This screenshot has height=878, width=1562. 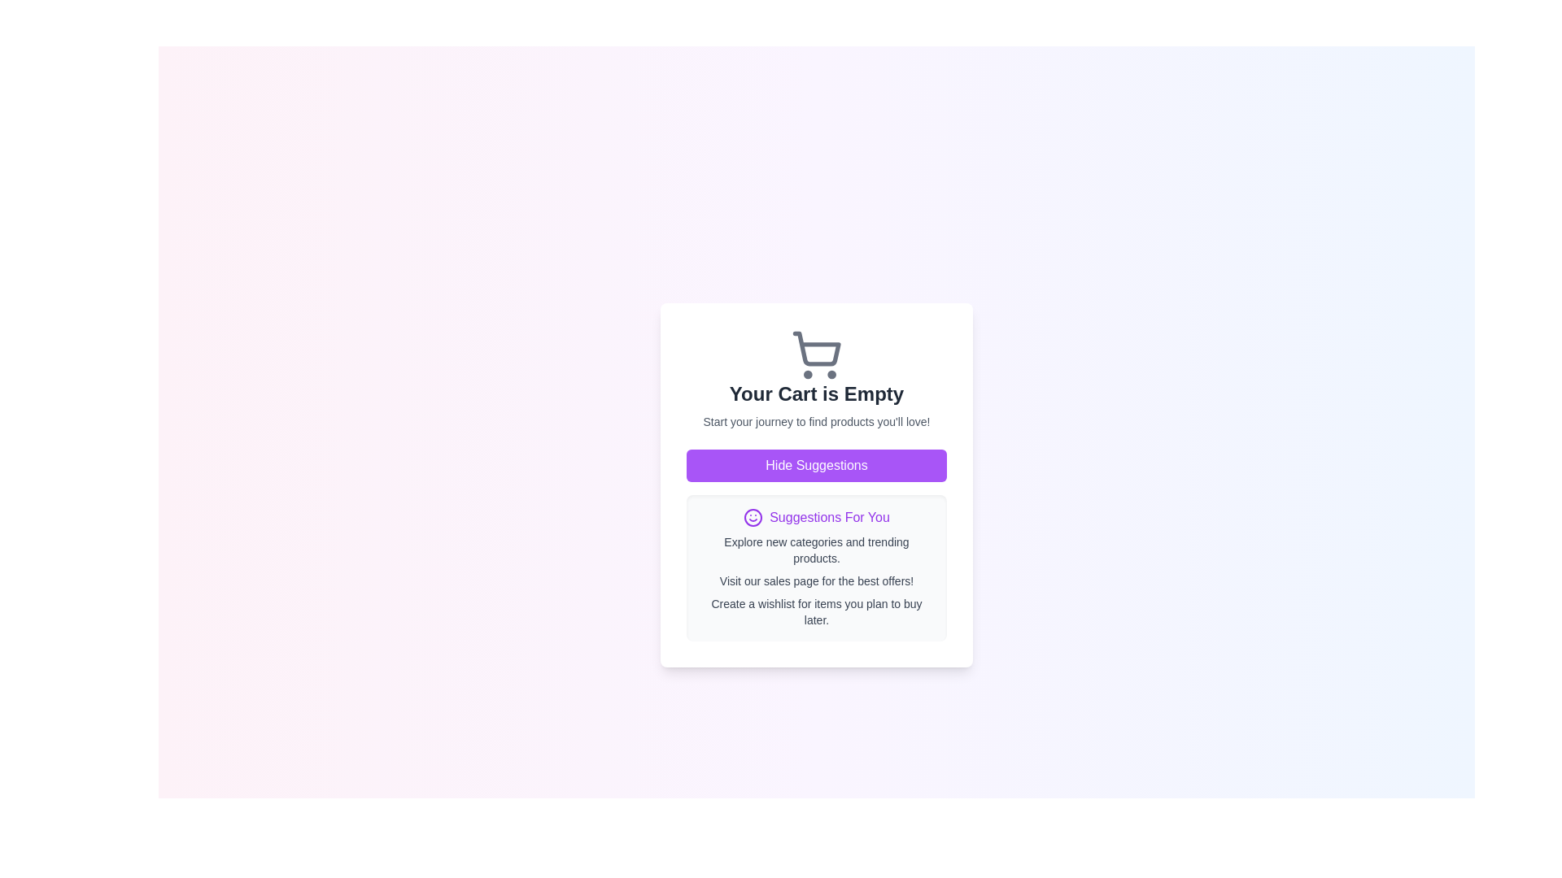 What do you see at coordinates (829, 517) in the screenshot?
I see `text from the 'Suggestions For You' text label, which is displayed in a medium font weight and purple color, located in the center of the card-like UI box` at bounding box center [829, 517].